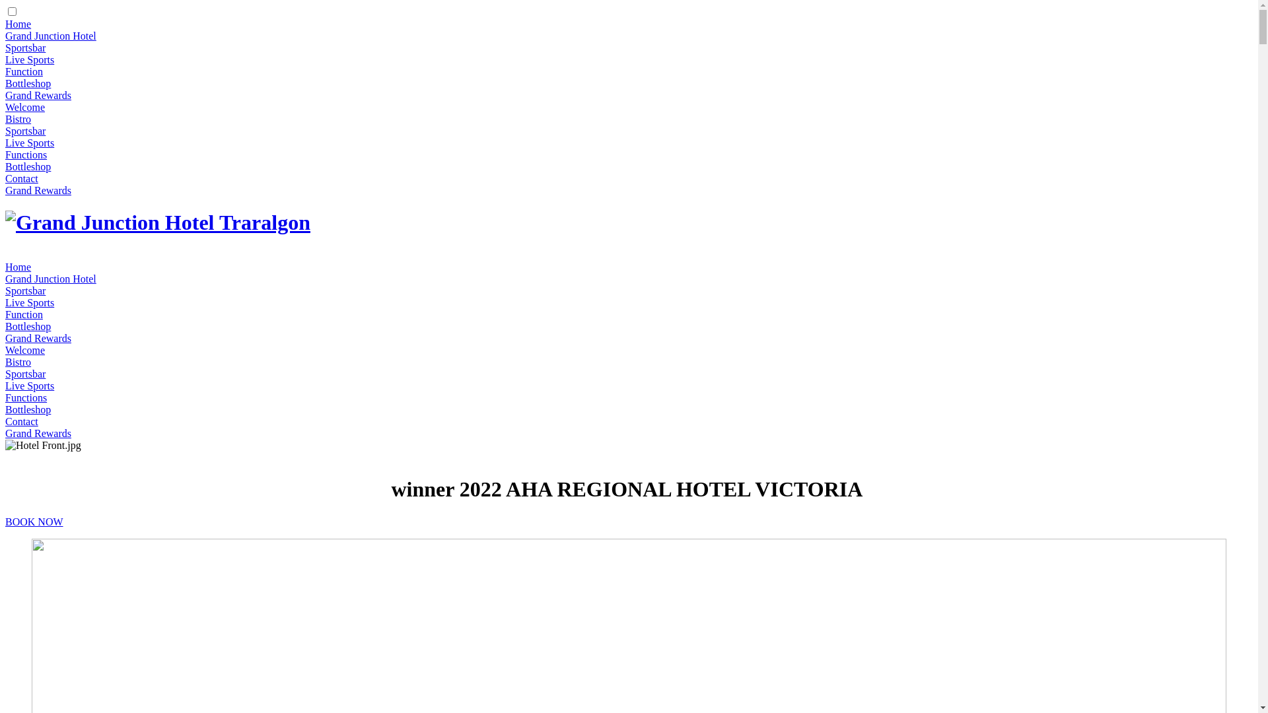 The width and height of the screenshot is (1268, 713). What do you see at coordinates (24, 71) in the screenshot?
I see `'Function'` at bounding box center [24, 71].